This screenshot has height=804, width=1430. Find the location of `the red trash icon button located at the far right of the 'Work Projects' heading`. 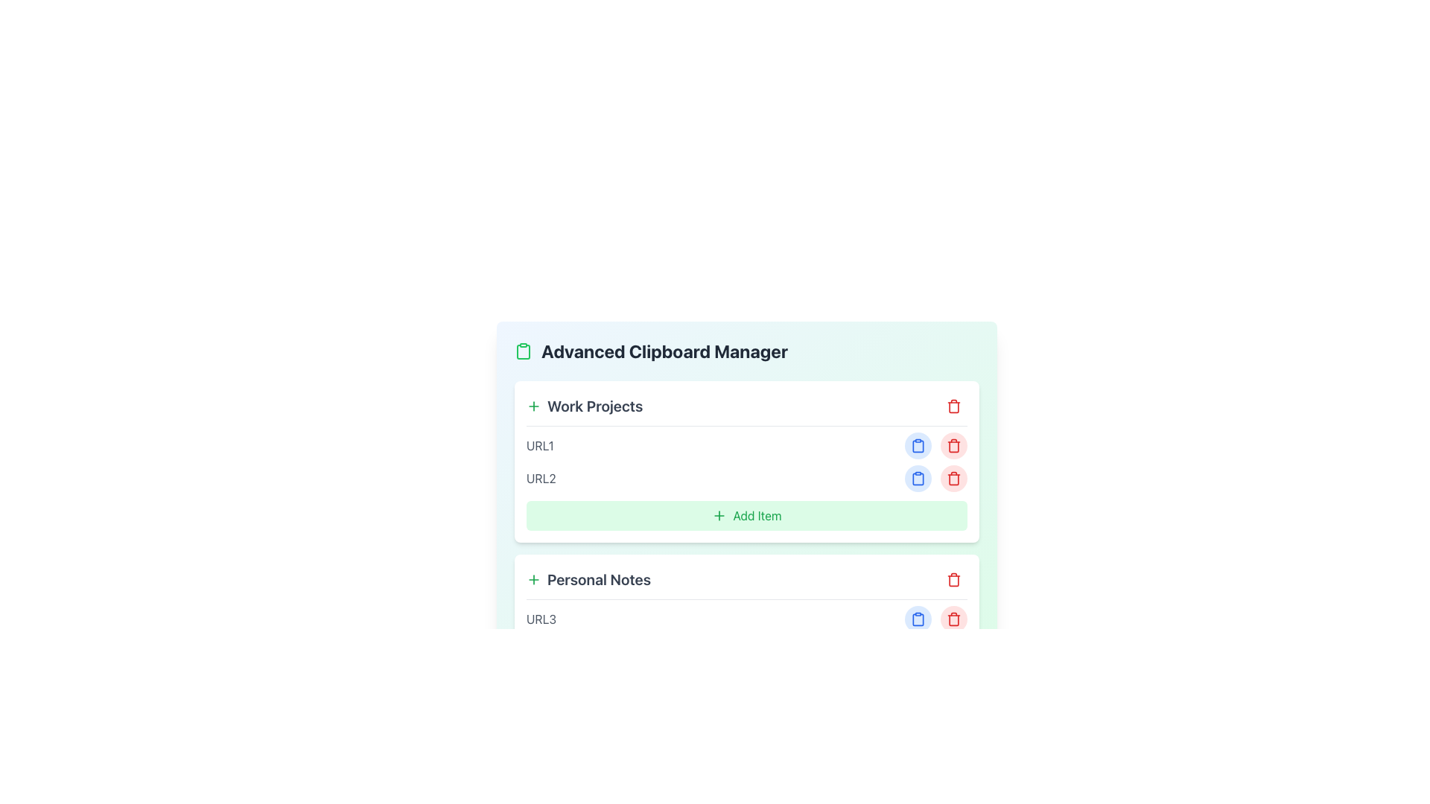

the red trash icon button located at the far right of the 'Work Projects' heading is located at coordinates (954, 406).